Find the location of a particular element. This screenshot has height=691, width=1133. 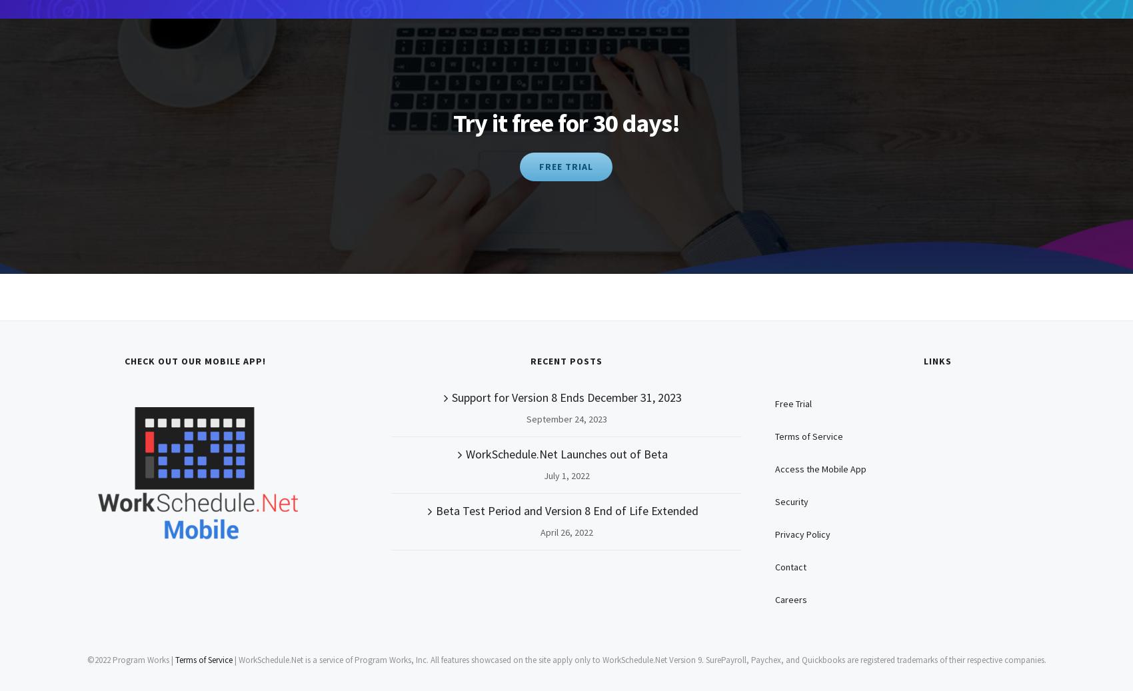

'Try it free for 30 days!' is located at coordinates (452, 122).